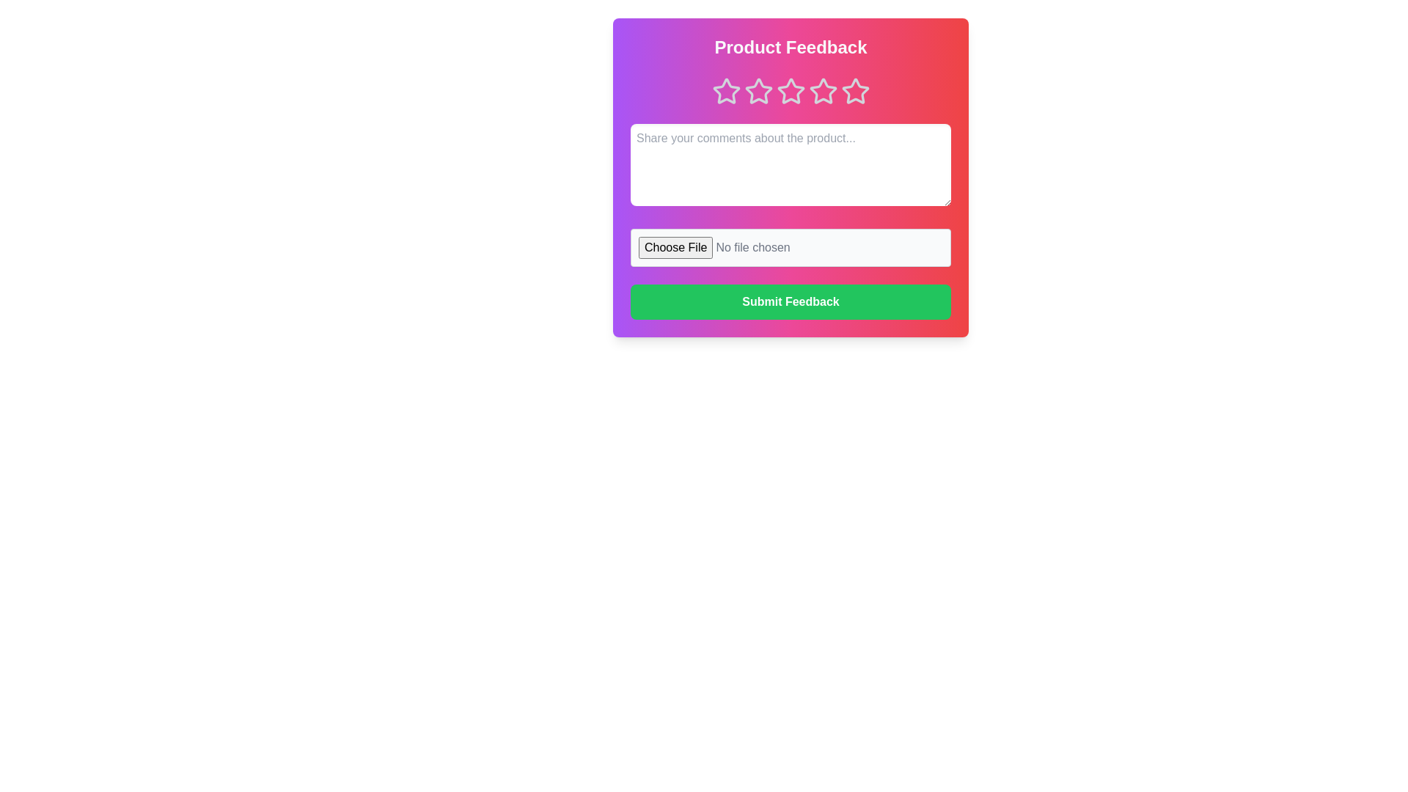 The image size is (1408, 792). Describe the element at coordinates (758, 91) in the screenshot. I see `the second star in the rating interface` at that location.